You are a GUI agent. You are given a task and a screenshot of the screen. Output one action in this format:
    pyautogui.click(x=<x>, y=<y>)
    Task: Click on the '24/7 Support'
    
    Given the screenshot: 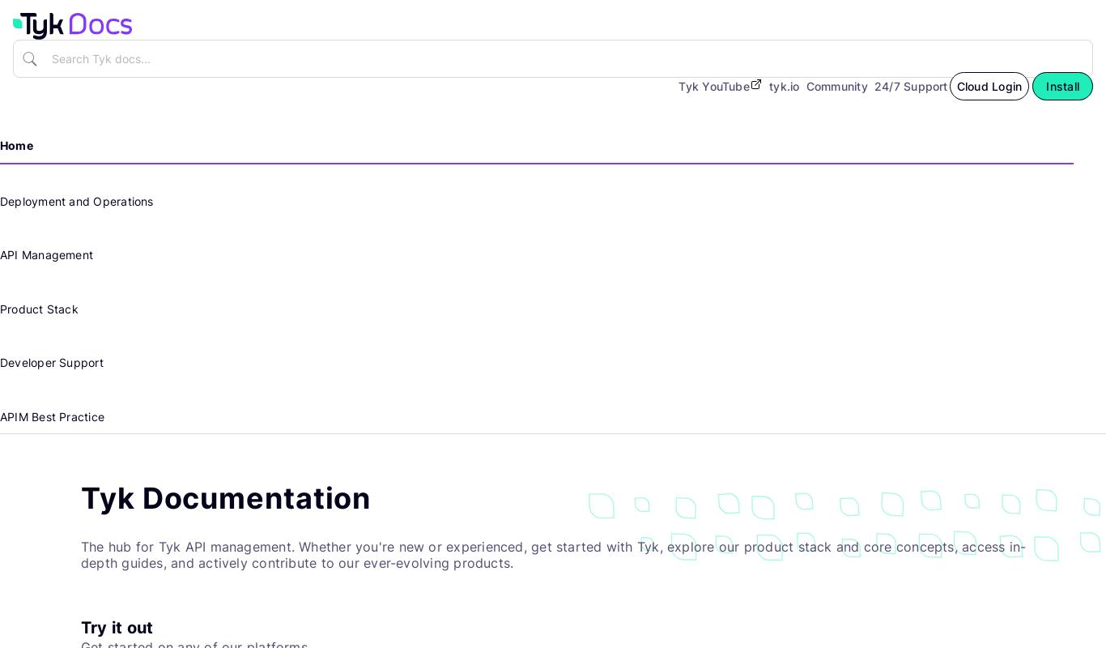 What is the action you would take?
    pyautogui.click(x=910, y=84)
    